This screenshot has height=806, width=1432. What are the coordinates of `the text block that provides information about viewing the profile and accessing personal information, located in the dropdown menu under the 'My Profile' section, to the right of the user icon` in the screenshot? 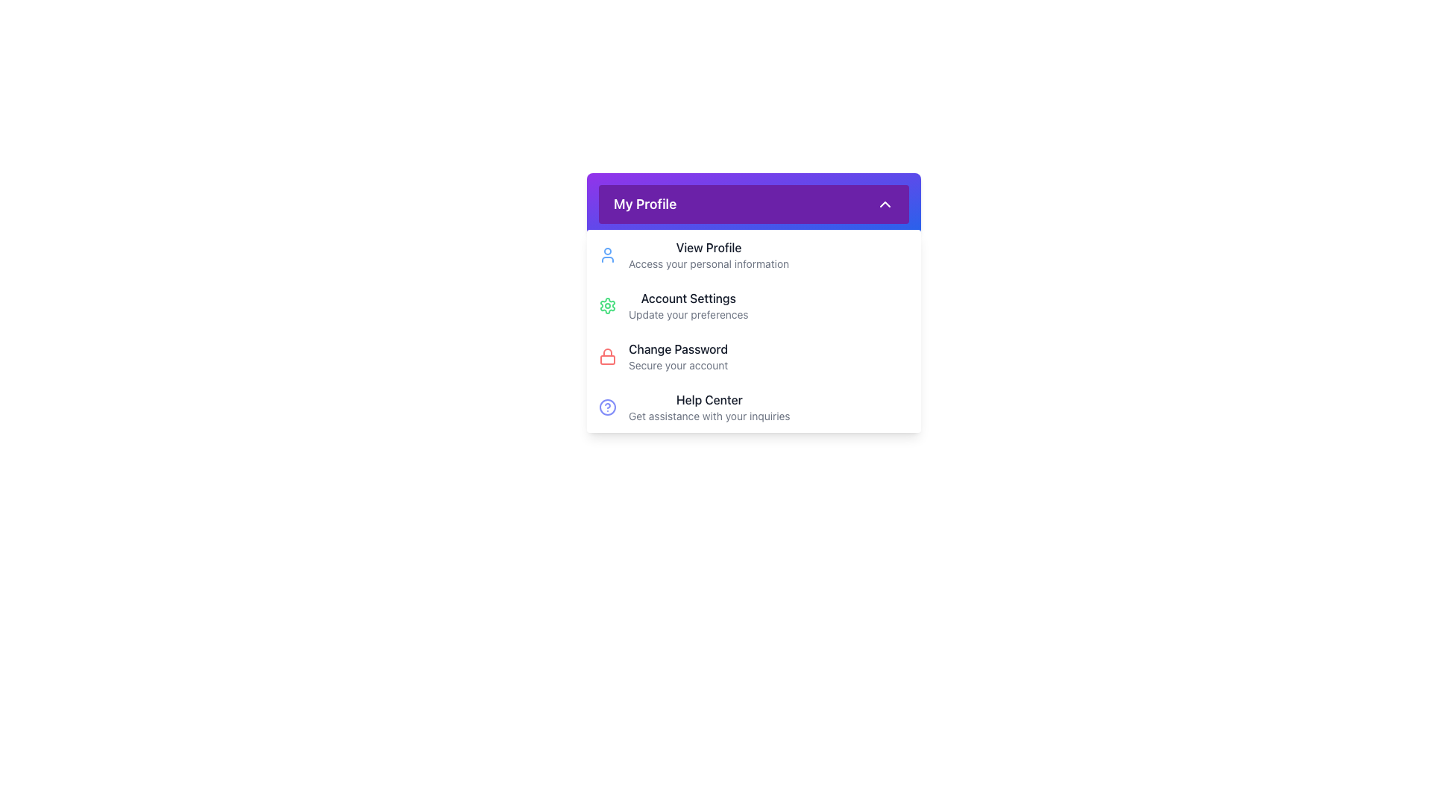 It's located at (708, 254).